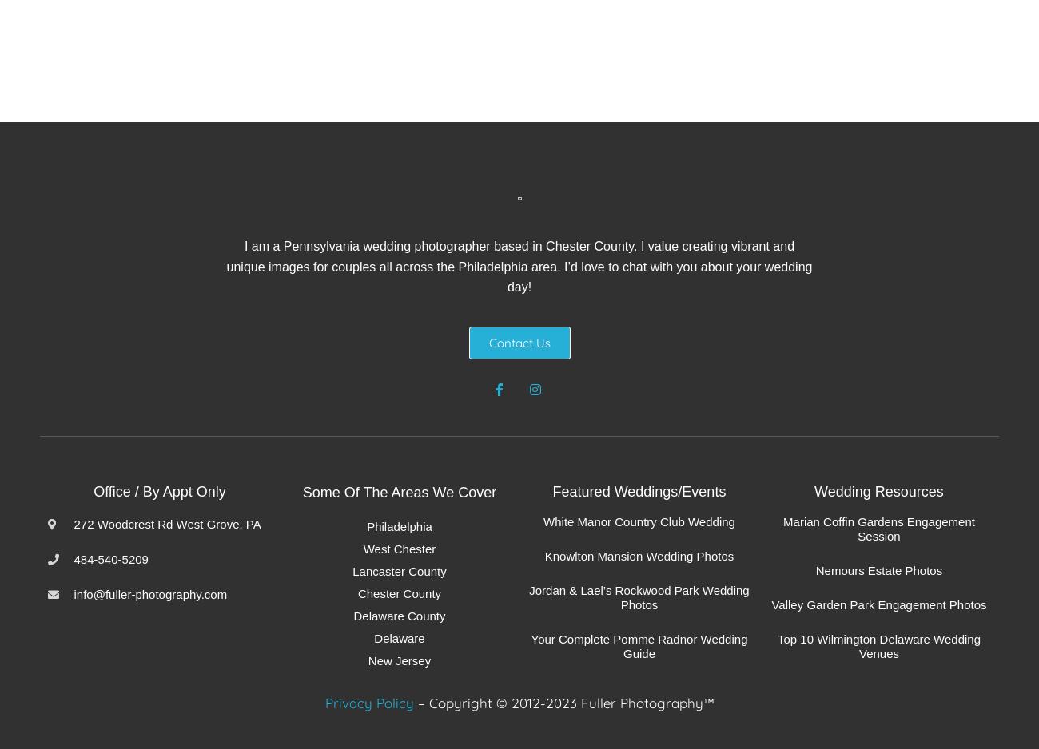 The image size is (1039, 749). I want to click on 'New Jersey', so click(399, 660).